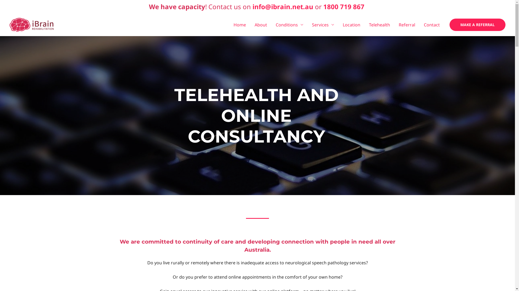  What do you see at coordinates (252, 6) in the screenshot?
I see `'info@ibrain.net.au'` at bounding box center [252, 6].